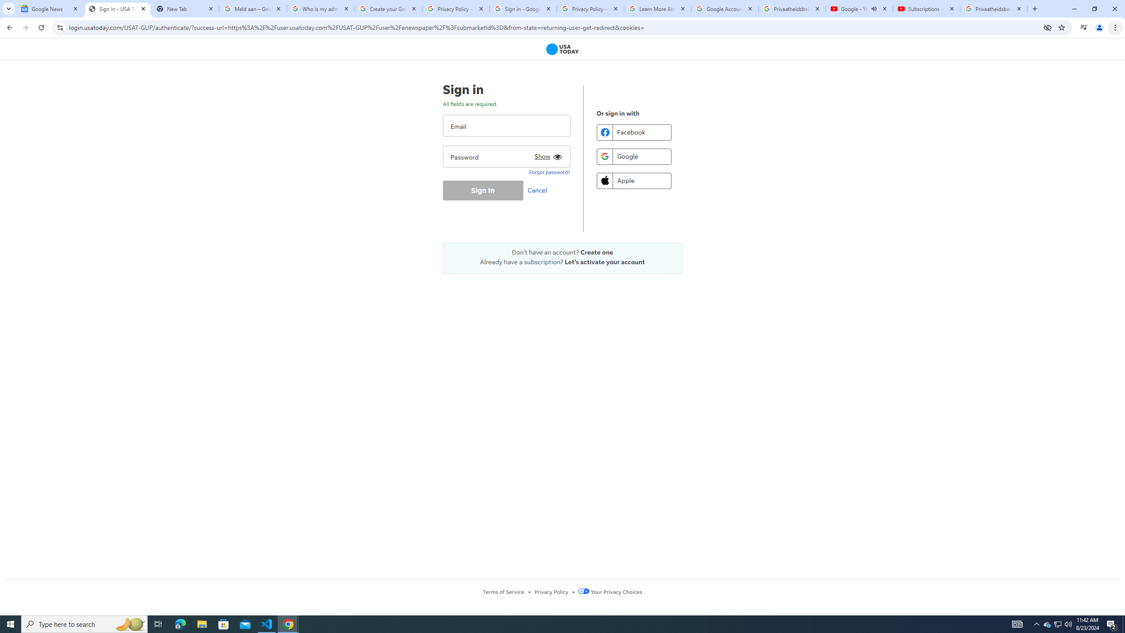  What do you see at coordinates (926, 8) in the screenshot?
I see `'Subscriptions - YouTube'` at bounding box center [926, 8].